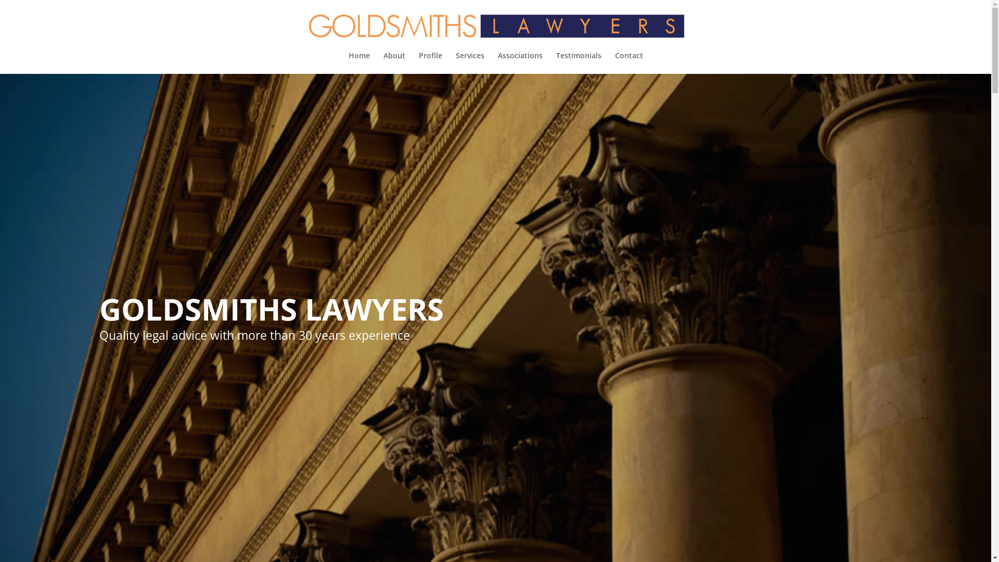  What do you see at coordinates (519, 62) in the screenshot?
I see `'Associations'` at bounding box center [519, 62].